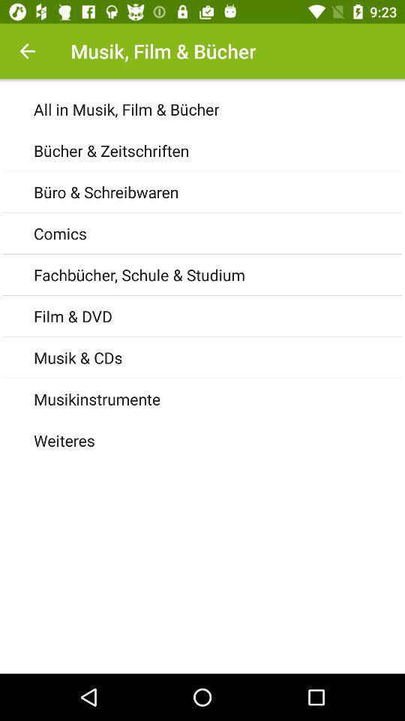 The height and width of the screenshot is (721, 405). I want to click on the icon above the all in musik, so click(27, 51).